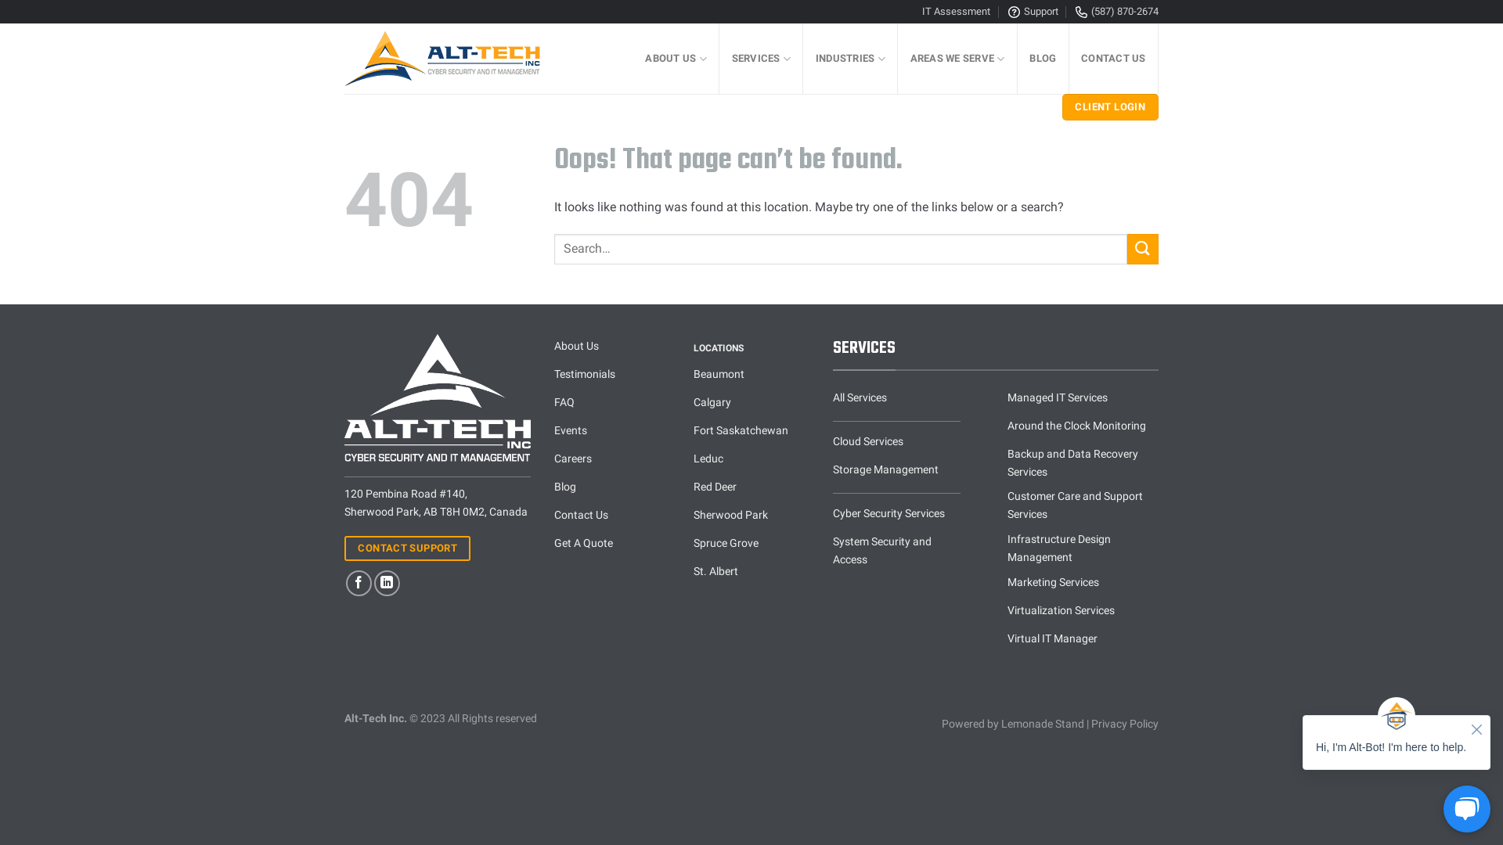 This screenshot has width=1503, height=845. I want to click on 'AREAS WE SERVE', so click(898, 57).